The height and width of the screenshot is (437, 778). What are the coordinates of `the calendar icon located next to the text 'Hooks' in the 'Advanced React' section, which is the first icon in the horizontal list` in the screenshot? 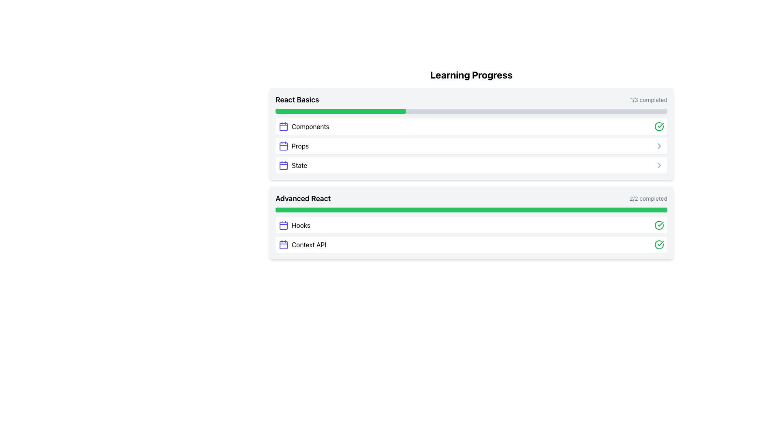 It's located at (284, 225).